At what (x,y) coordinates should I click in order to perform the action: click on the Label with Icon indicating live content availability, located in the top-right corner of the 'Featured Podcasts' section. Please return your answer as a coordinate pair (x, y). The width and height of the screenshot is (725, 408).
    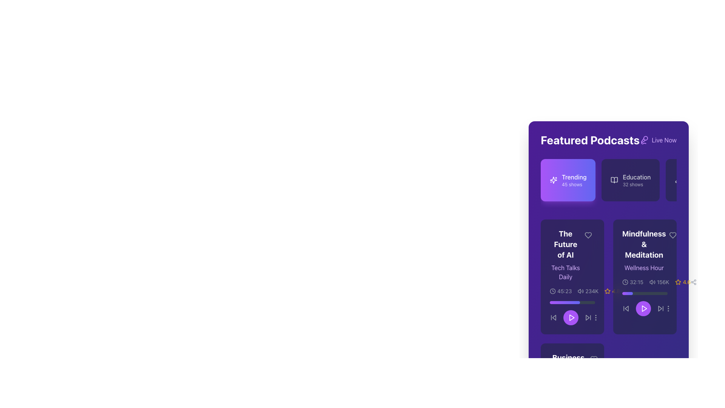
    Looking at the image, I should click on (657, 140).